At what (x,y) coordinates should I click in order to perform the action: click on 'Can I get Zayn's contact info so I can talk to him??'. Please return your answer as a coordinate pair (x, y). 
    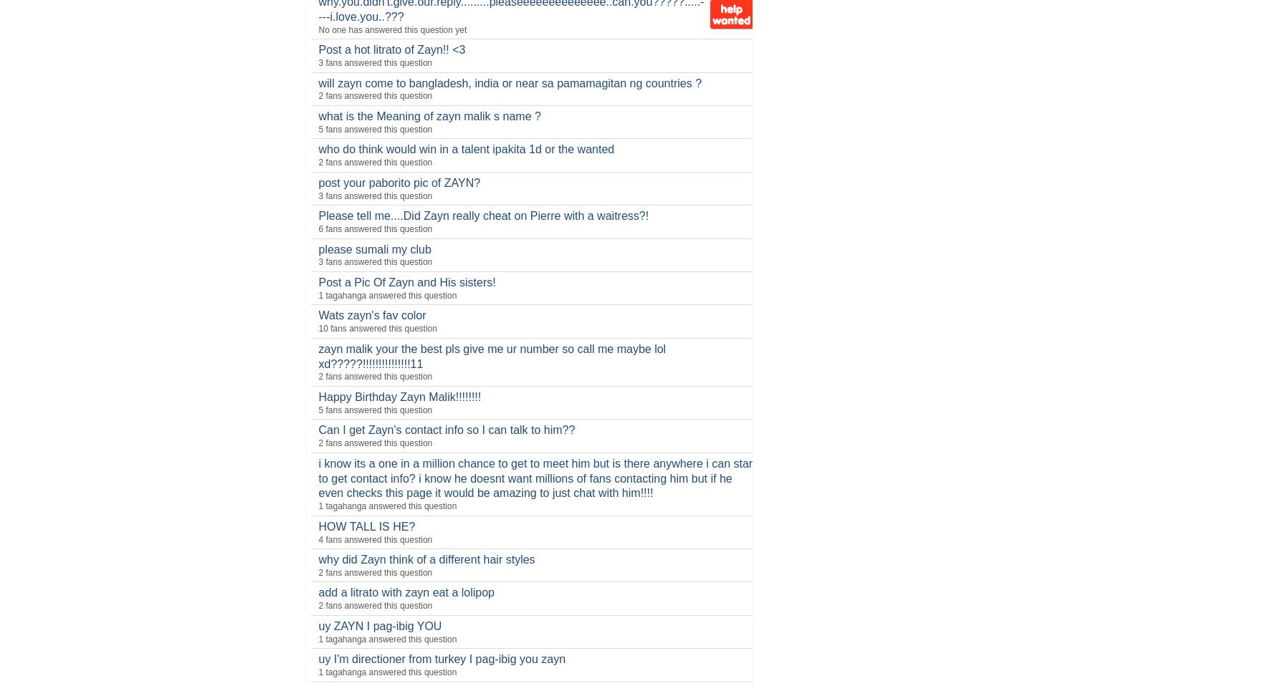
    Looking at the image, I should click on (447, 430).